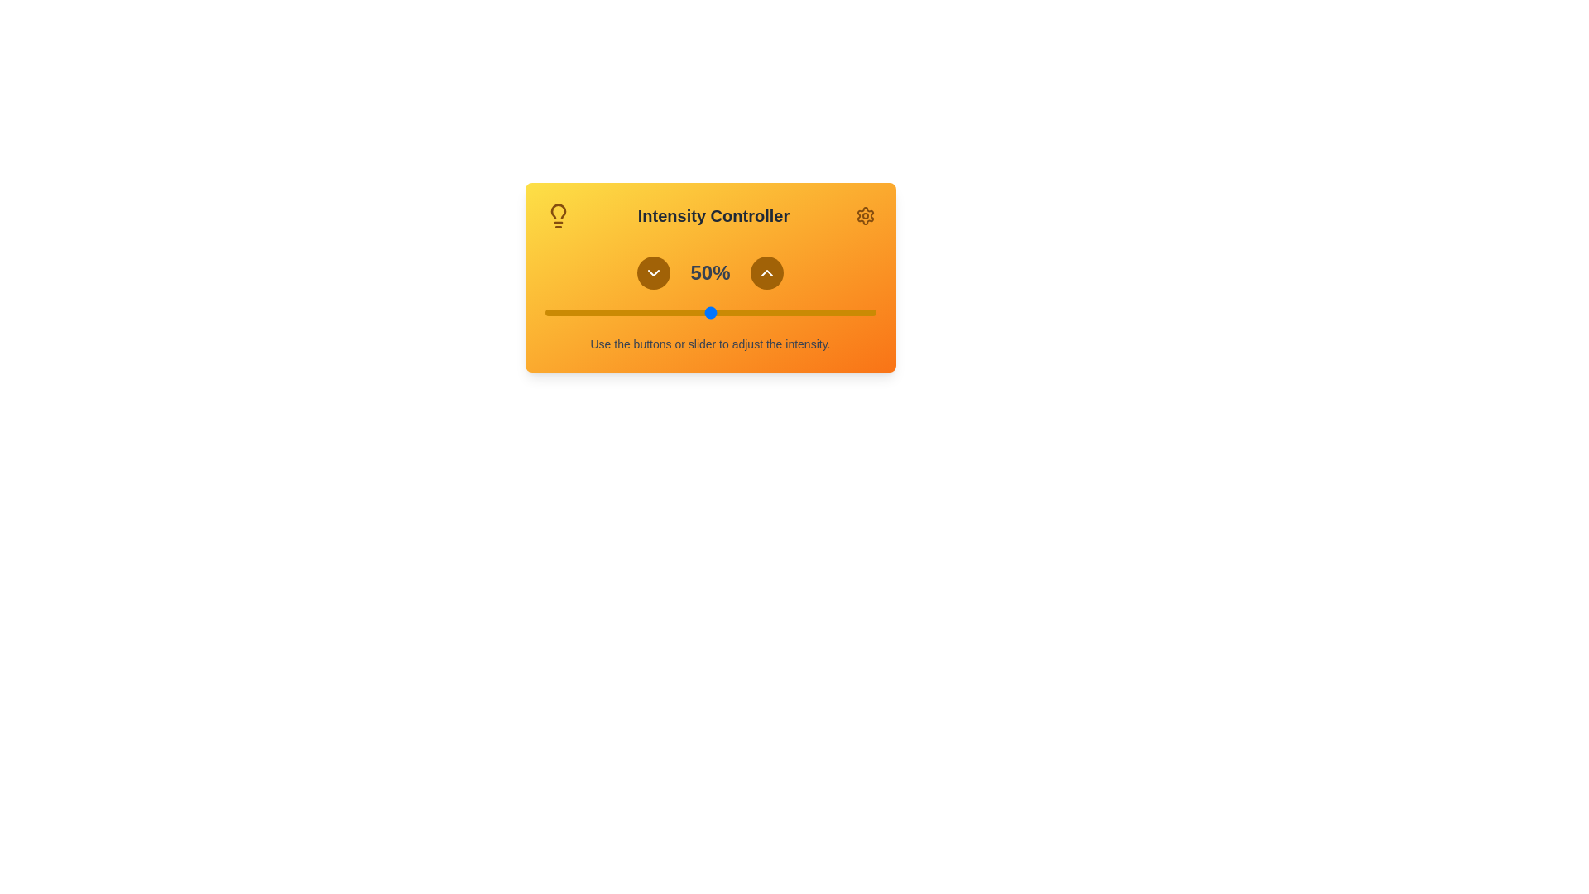 This screenshot has height=894, width=1589. I want to click on the text label that provides guidance on operating the controls above it, located at the lowest position within the orange gradient card-like box, so click(710, 344).